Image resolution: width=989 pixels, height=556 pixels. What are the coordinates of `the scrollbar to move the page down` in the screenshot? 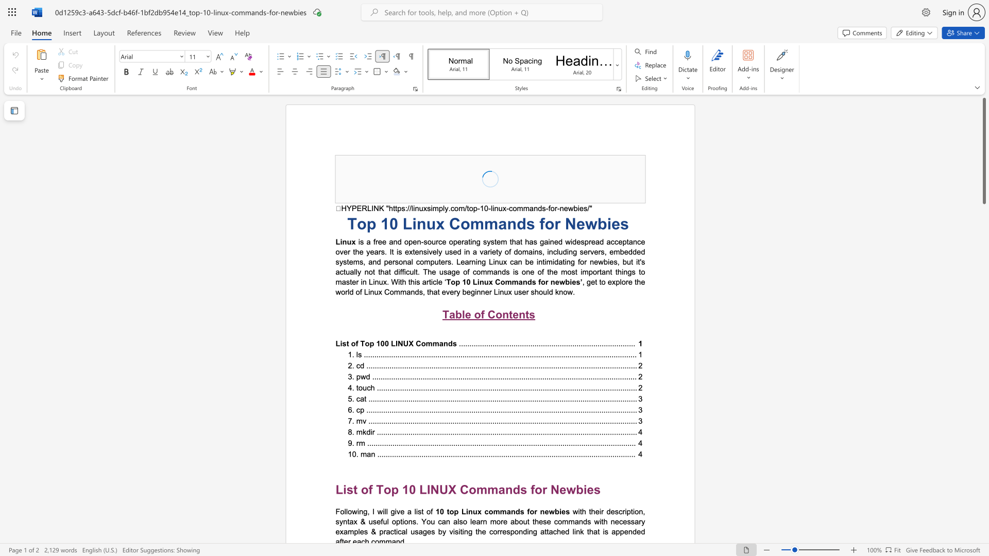 It's located at (983, 364).